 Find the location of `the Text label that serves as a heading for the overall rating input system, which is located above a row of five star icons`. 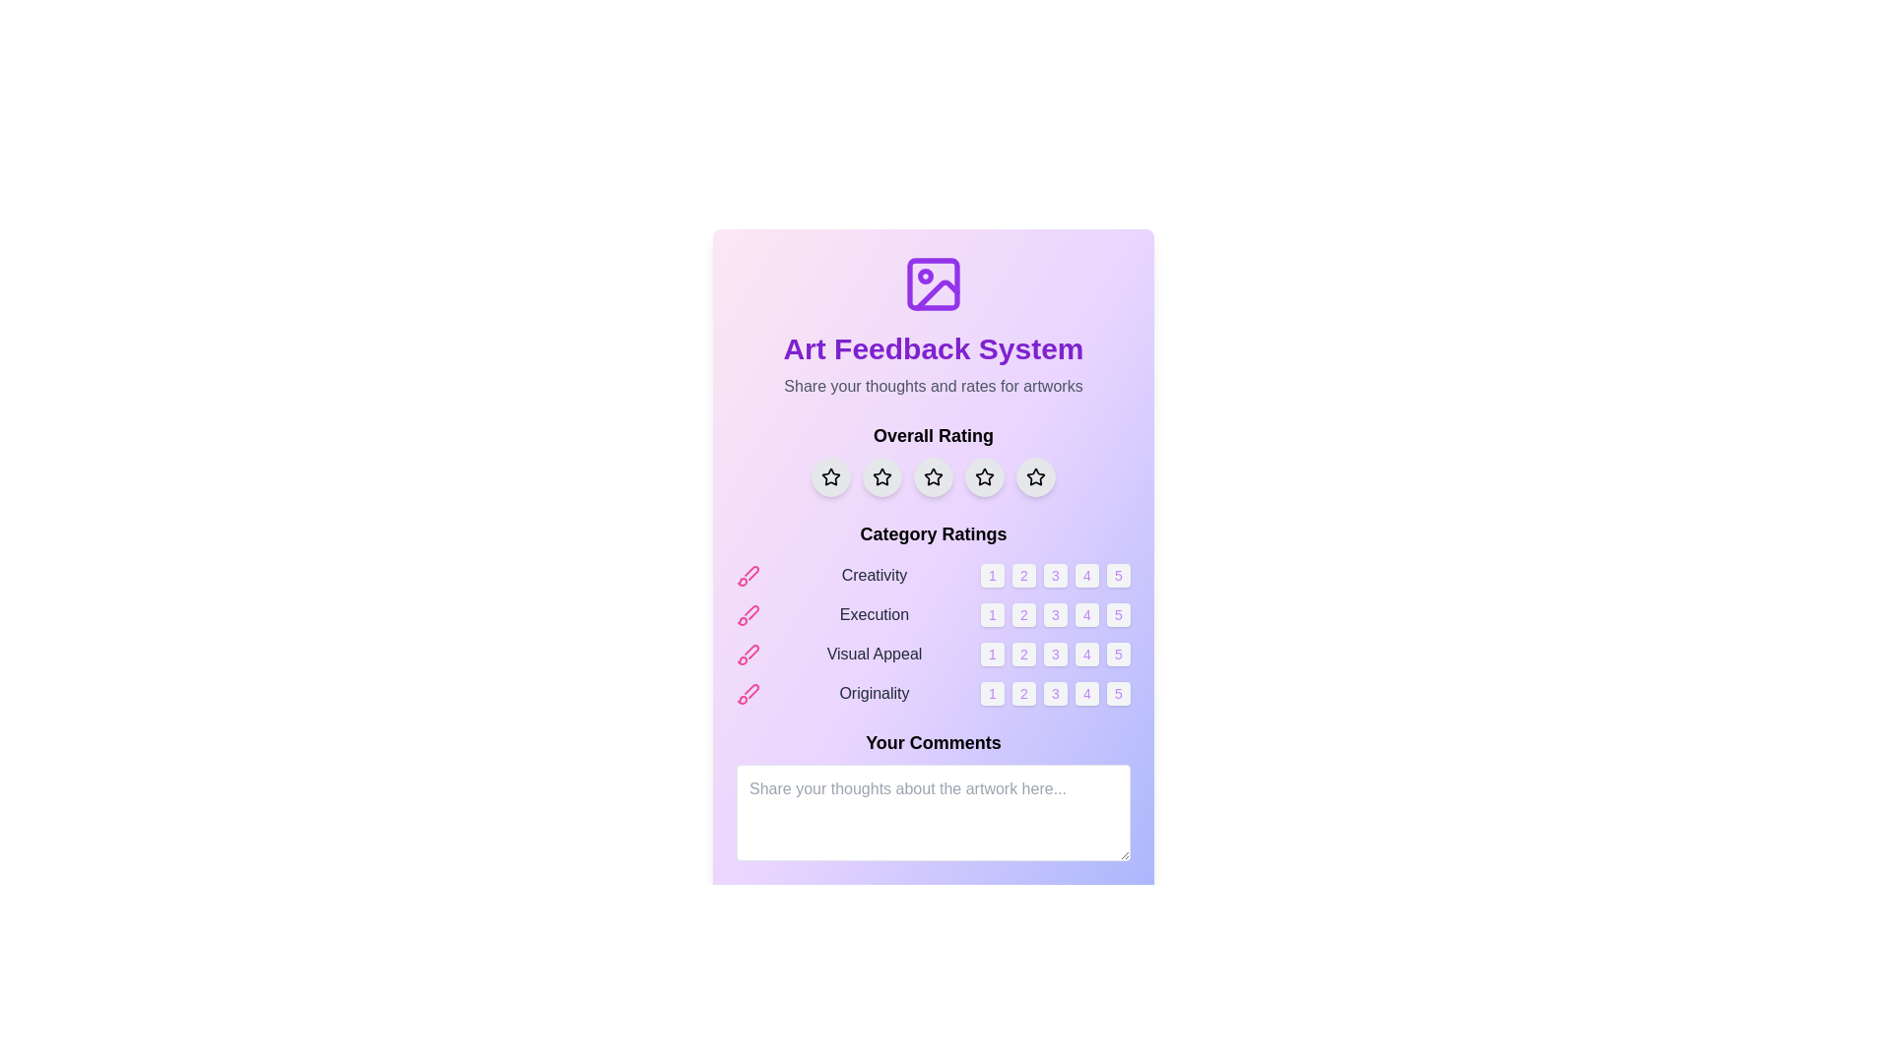

the Text label that serves as a heading for the overall rating input system, which is located above a row of five star icons is located at coordinates (933, 435).